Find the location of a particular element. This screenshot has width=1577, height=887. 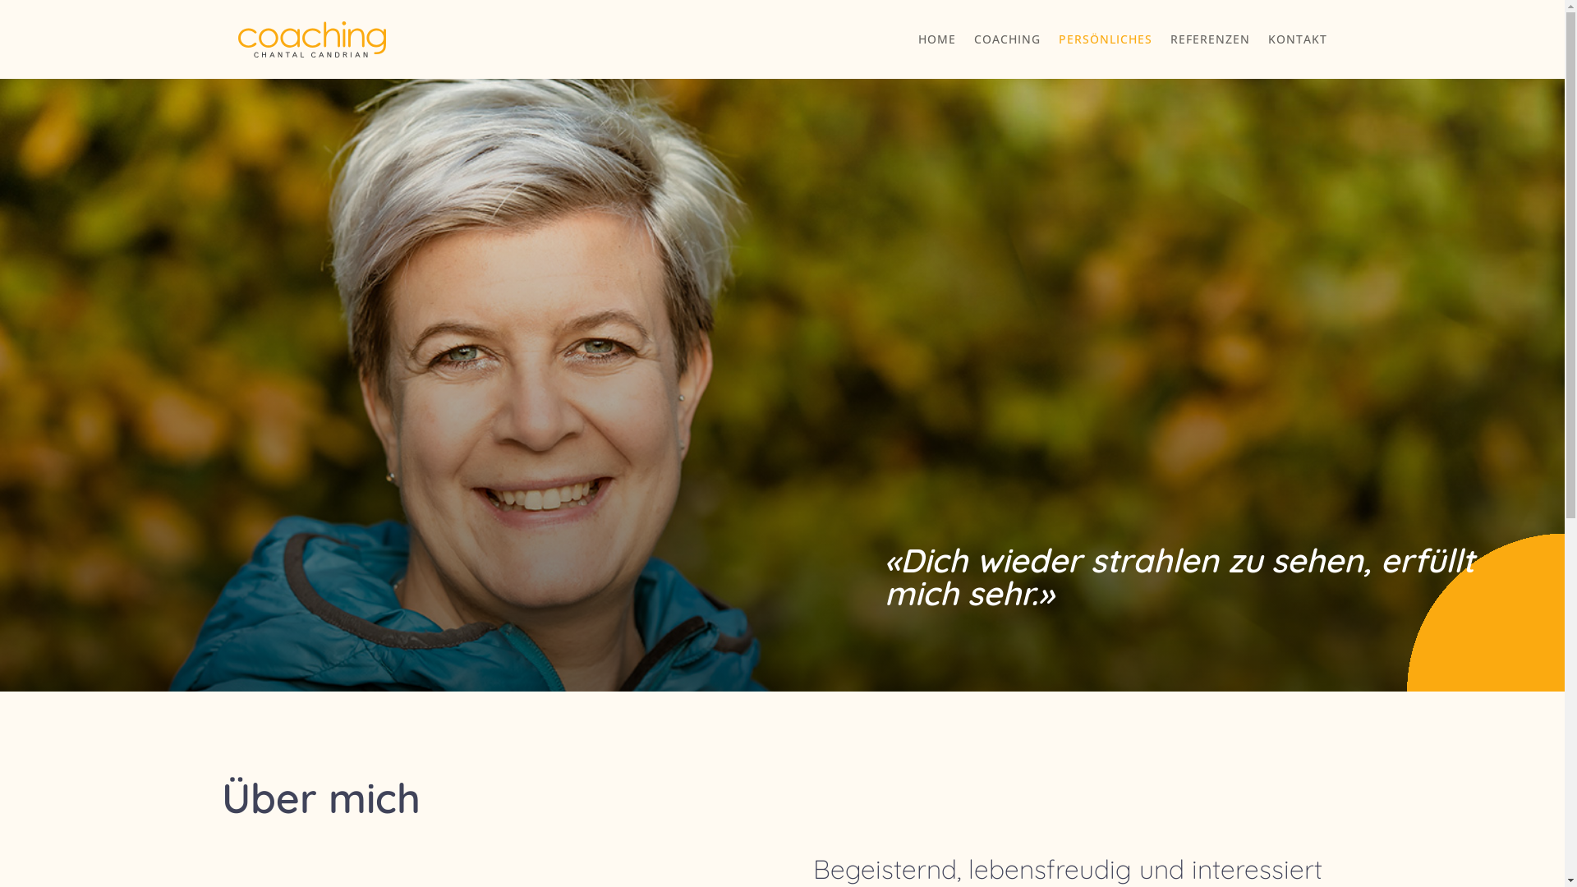

'KONTAKT' is located at coordinates (1296, 38).